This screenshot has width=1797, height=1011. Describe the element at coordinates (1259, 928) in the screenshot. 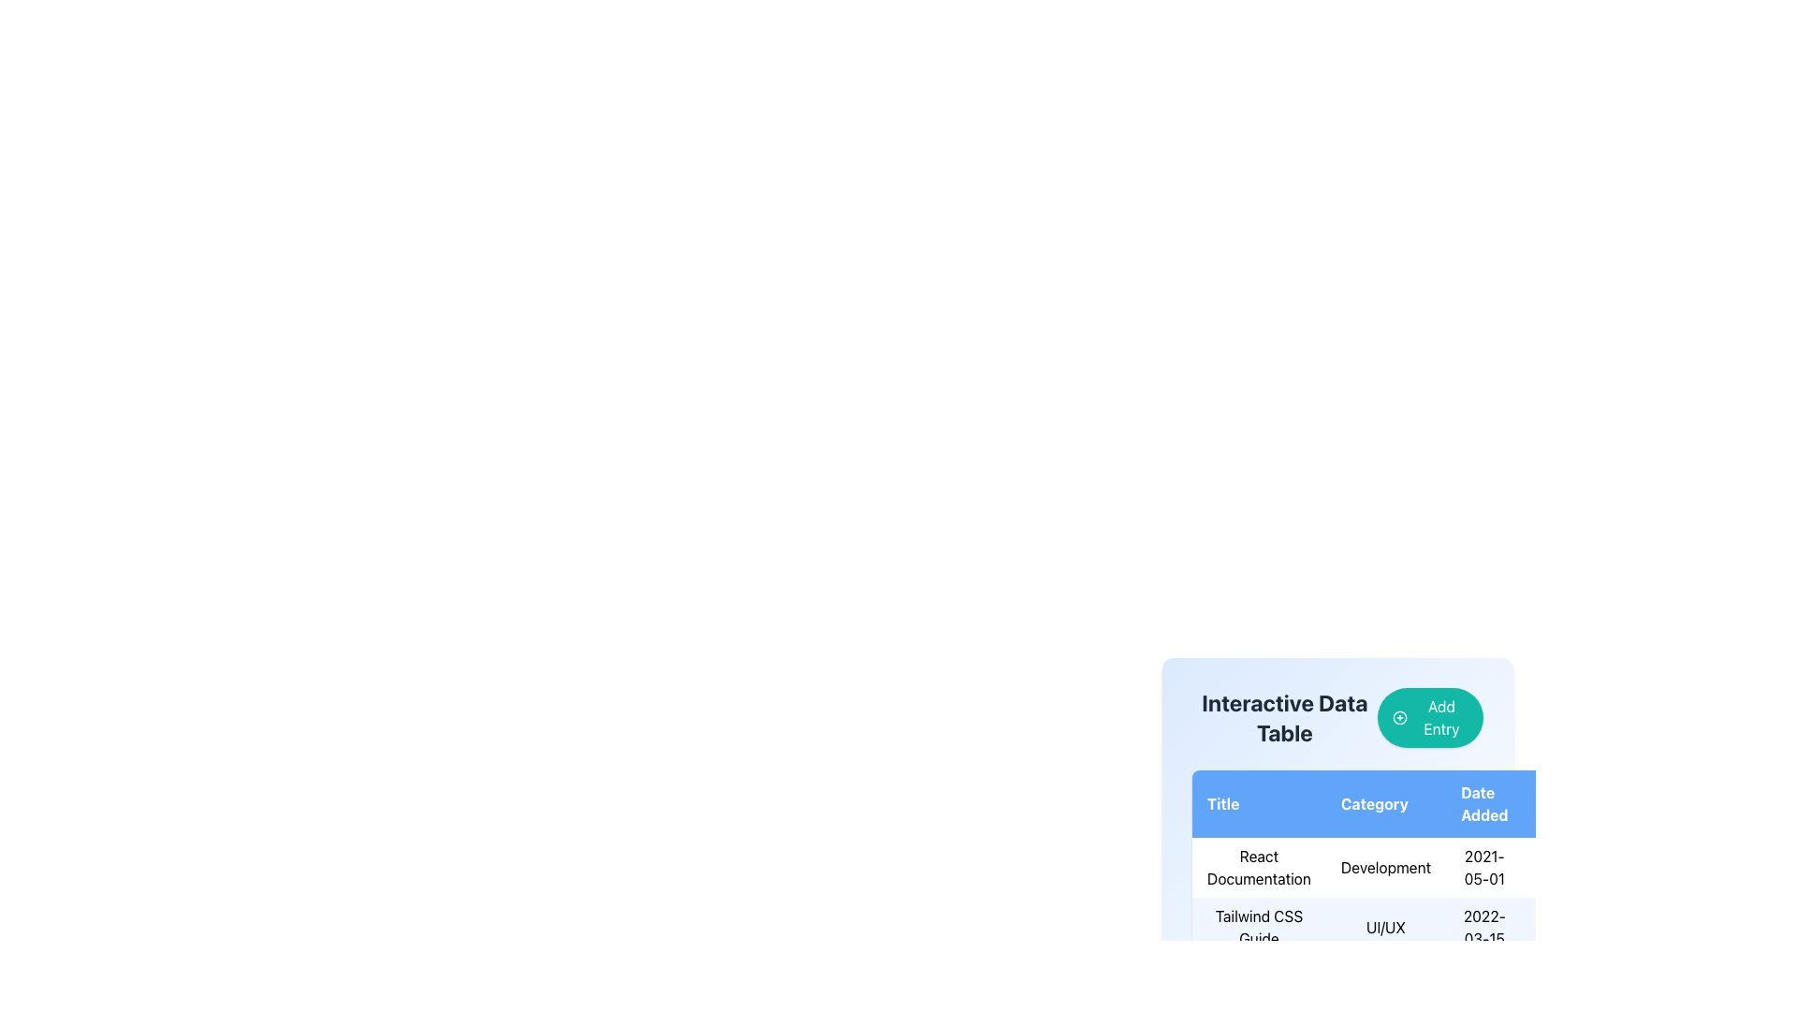

I see `the table cell displaying the text 'Tailwind CSS Guide', located in the first column of the row under the 'Title' header` at that location.